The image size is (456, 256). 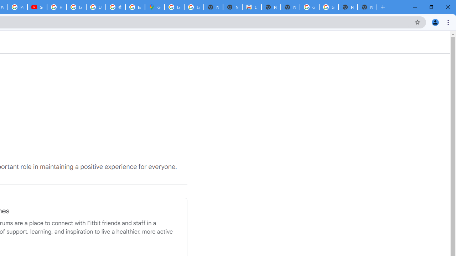 What do you see at coordinates (135, 7) in the screenshot?
I see `'Explore new street-level details - Google Maps Help'` at bounding box center [135, 7].